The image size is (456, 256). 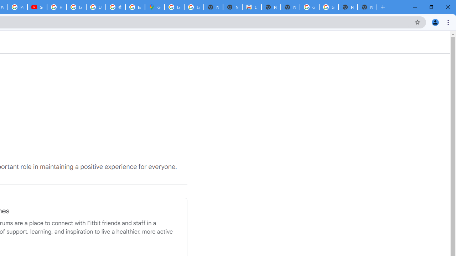 What do you see at coordinates (135, 7) in the screenshot?
I see `'Explore new street-level details - Google Maps Help'` at bounding box center [135, 7].